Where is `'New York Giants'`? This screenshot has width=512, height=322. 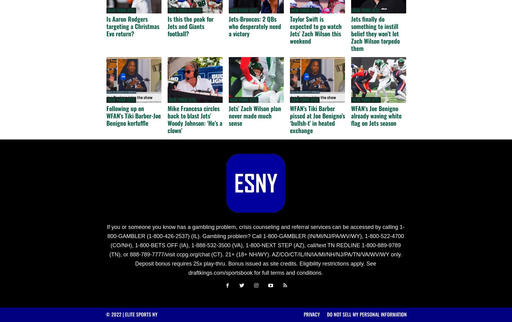
'New York Giants' is located at coordinates (184, 10).